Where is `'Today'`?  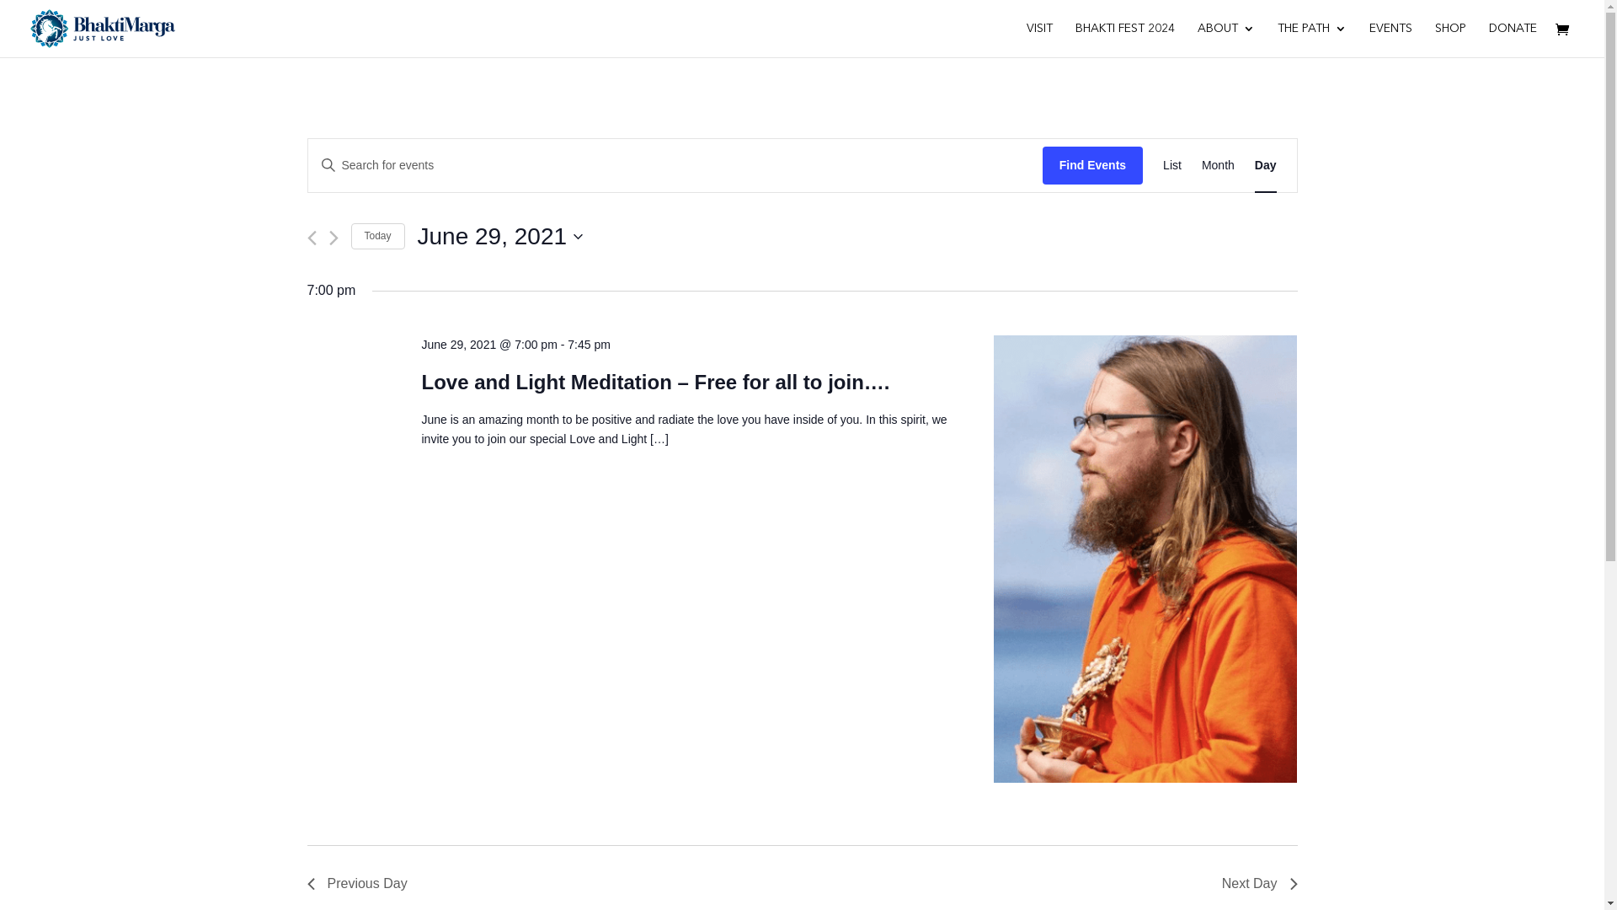
'Today' is located at coordinates (376, 236).